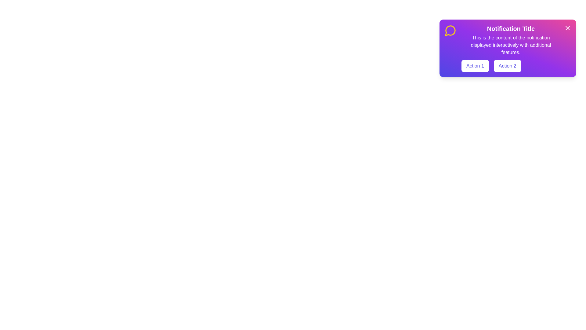 The image size is (586, 330). What do you see at coordinates (567, 28) in the screenshot?
I see `the close icon to close the snackbar` at bounding box center [567, 28].